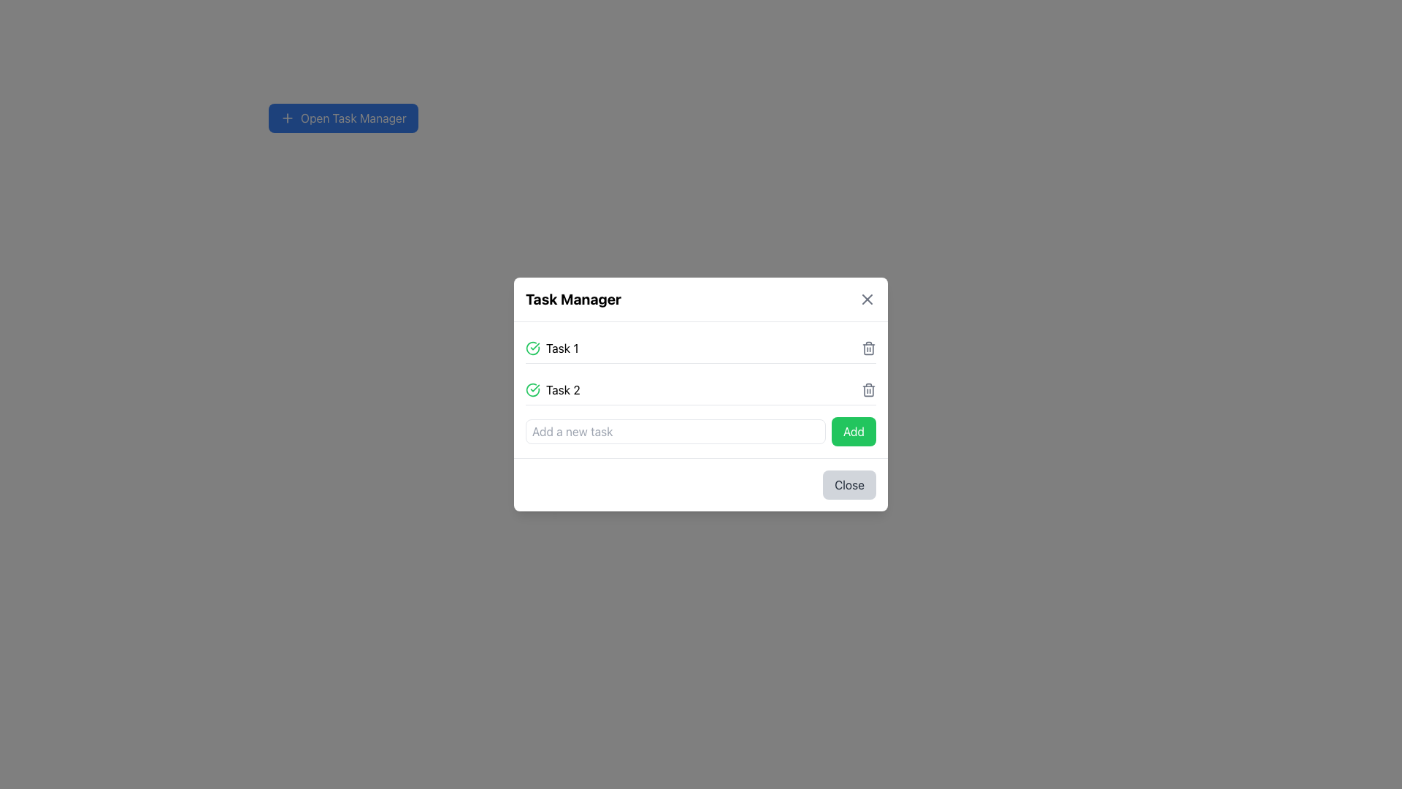 The image size is (1402, 789). Describe the element at coordinates (867, 298) in the screenshot. I see `the small X icon representing the close button in the Task Manager modal, which is styled with a black stroke and located near the top-right corner` at that location.